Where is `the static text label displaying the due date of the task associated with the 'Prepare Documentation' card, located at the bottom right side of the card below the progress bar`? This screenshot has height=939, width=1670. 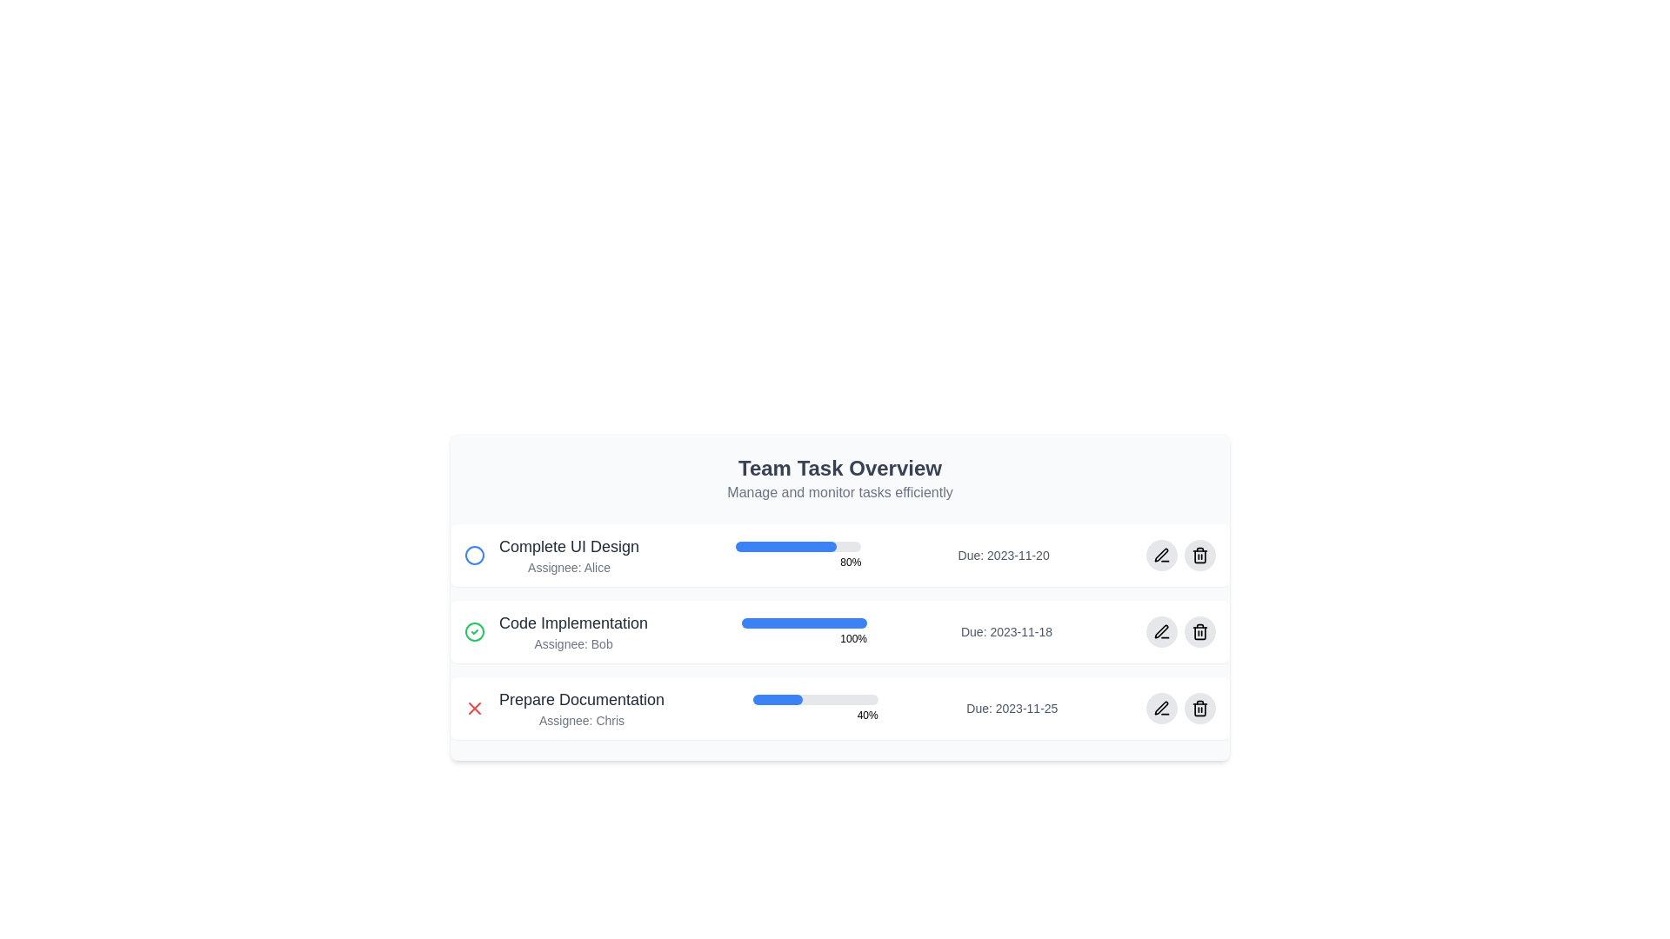
the static text label displaying the due date of the task associated with the 'Prepare Documentation' card, located at the bottom right side of the card below the progress bar is located at coordinates (1012, 708).